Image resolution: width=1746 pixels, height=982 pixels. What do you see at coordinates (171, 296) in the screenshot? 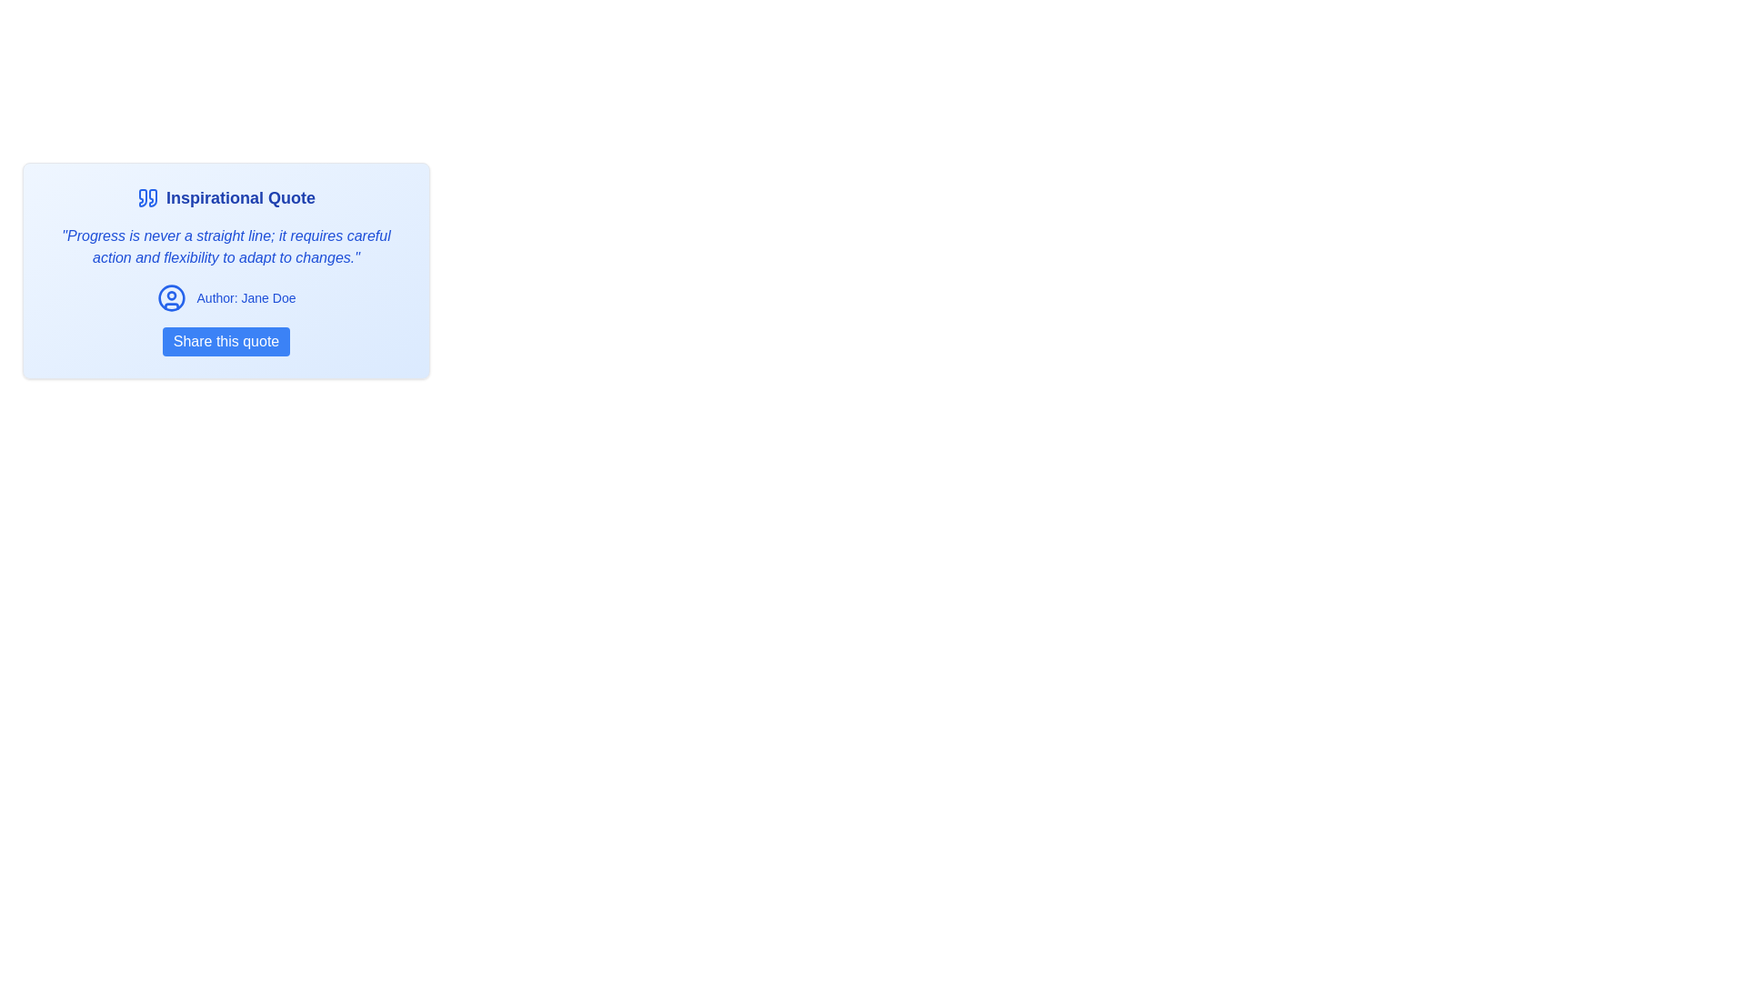
I see `the circular user profile icon that represents 'Author: Jane Doe', located` at bounding box center [171, 296].